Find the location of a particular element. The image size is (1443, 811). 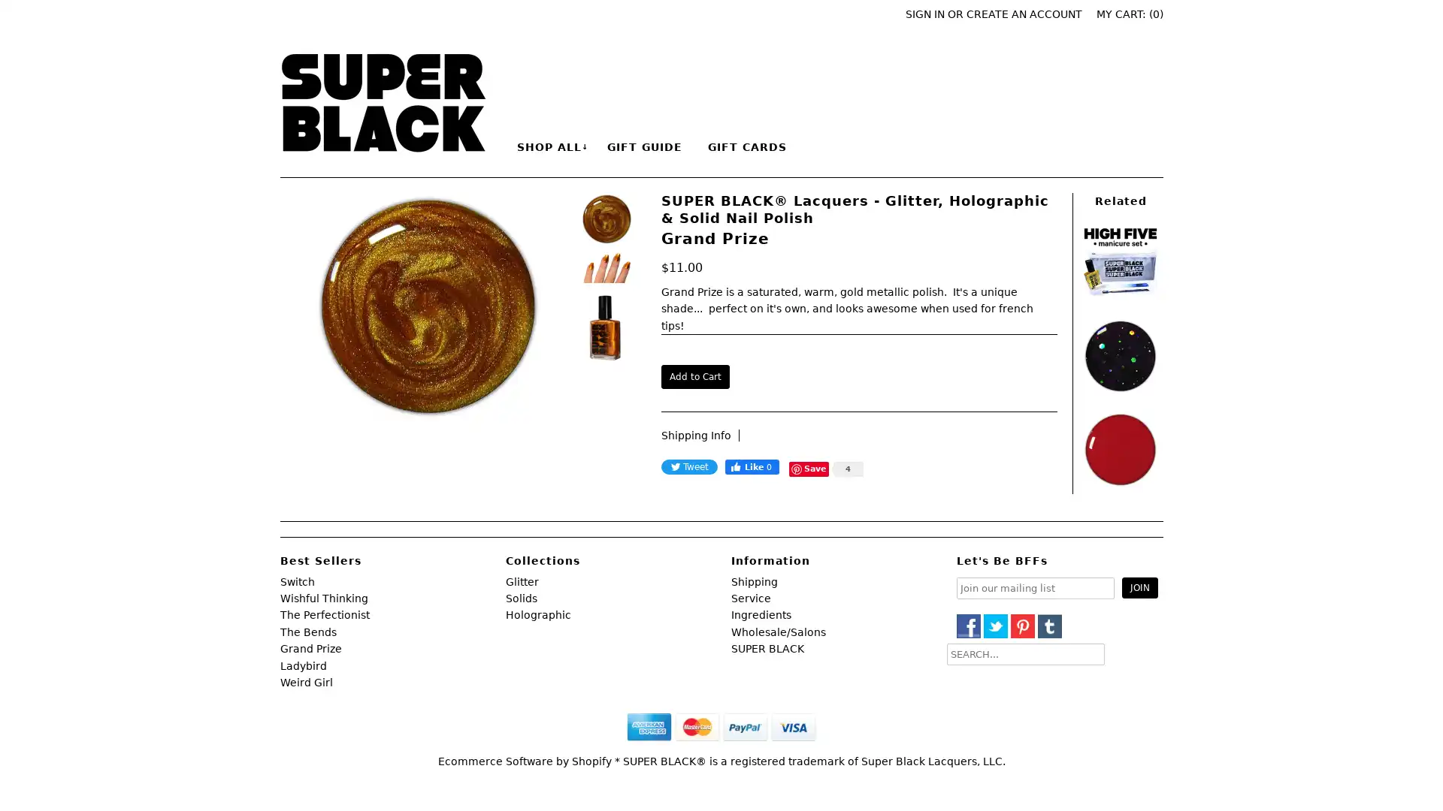

JOIN is located at coordinates (1139, 586).